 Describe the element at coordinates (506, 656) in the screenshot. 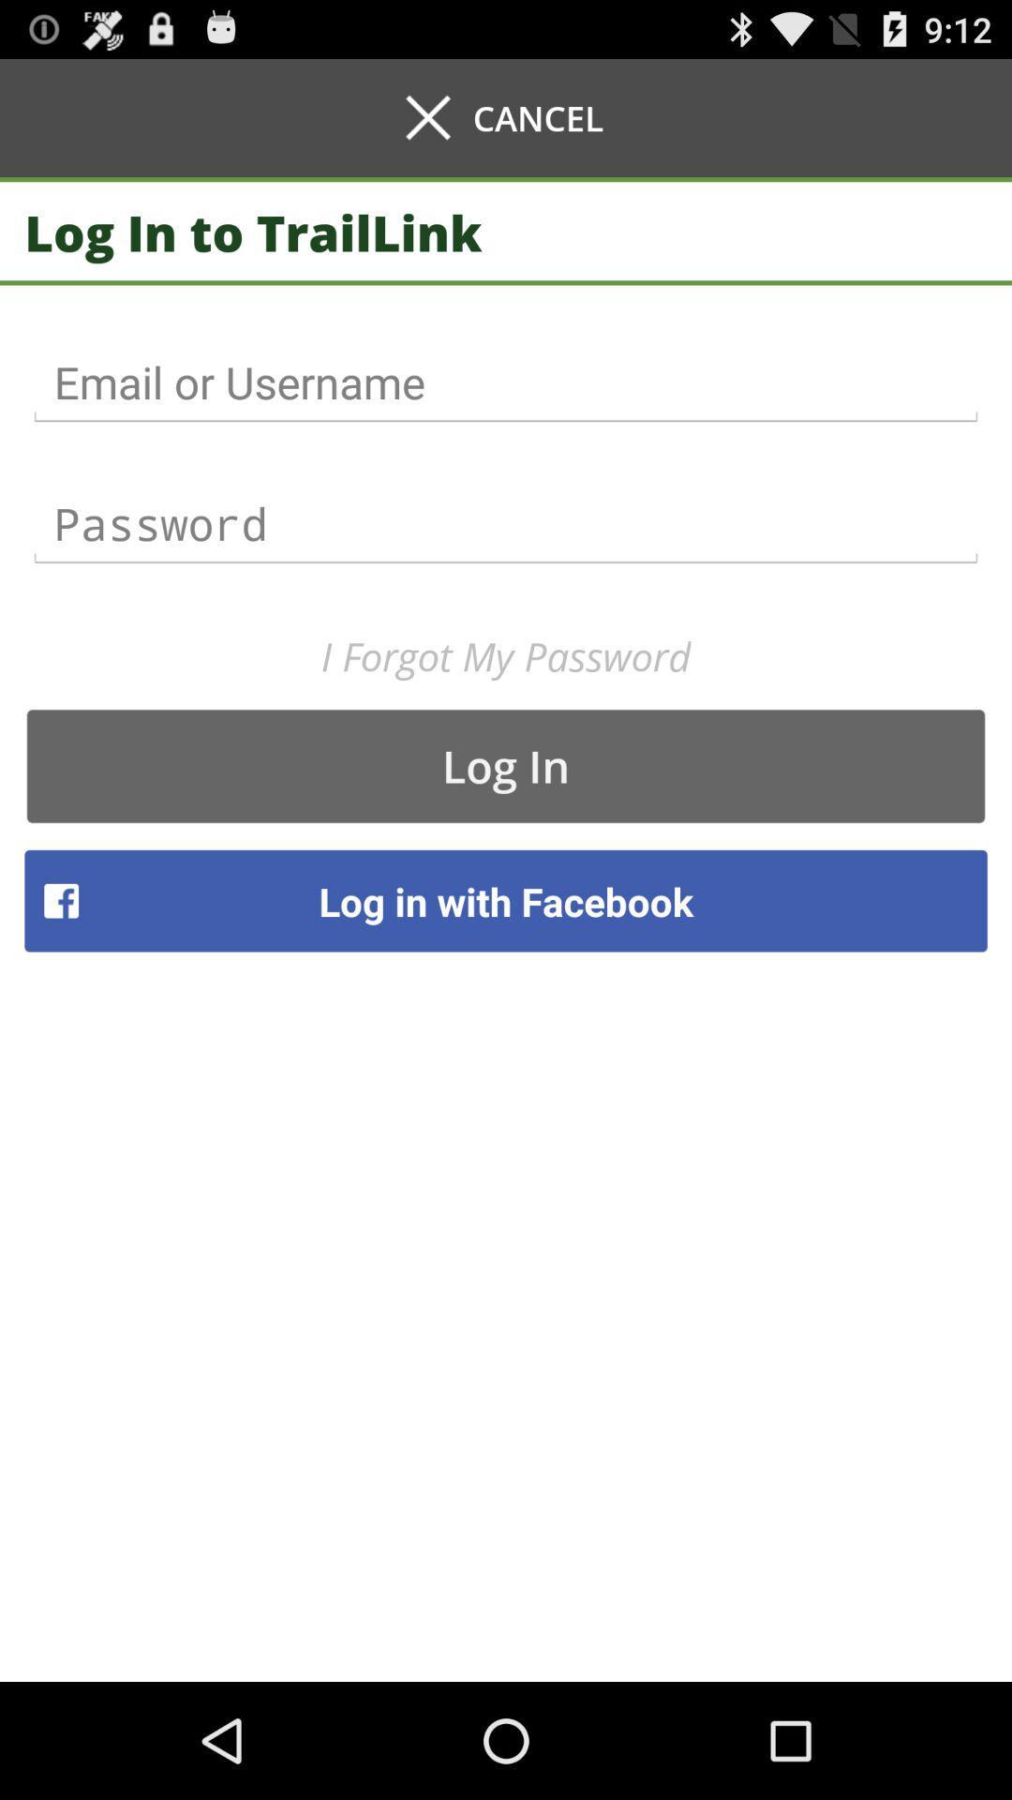

I see `the icon above log in` at that location.